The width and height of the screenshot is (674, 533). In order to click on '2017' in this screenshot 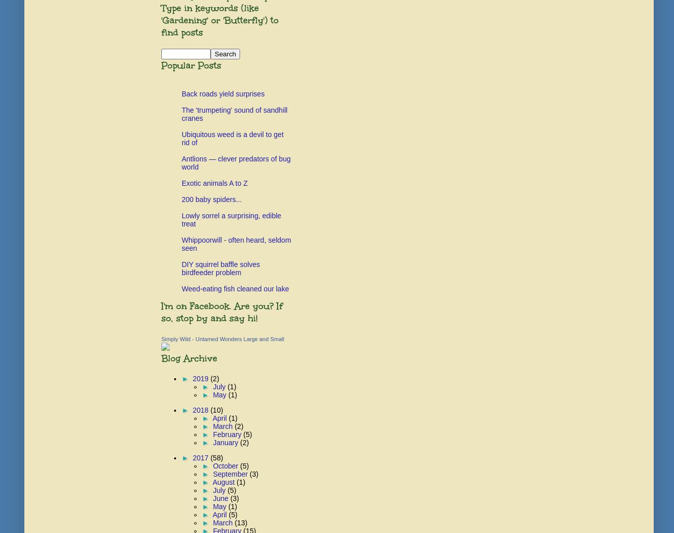, I will do `click(192, 457)`.